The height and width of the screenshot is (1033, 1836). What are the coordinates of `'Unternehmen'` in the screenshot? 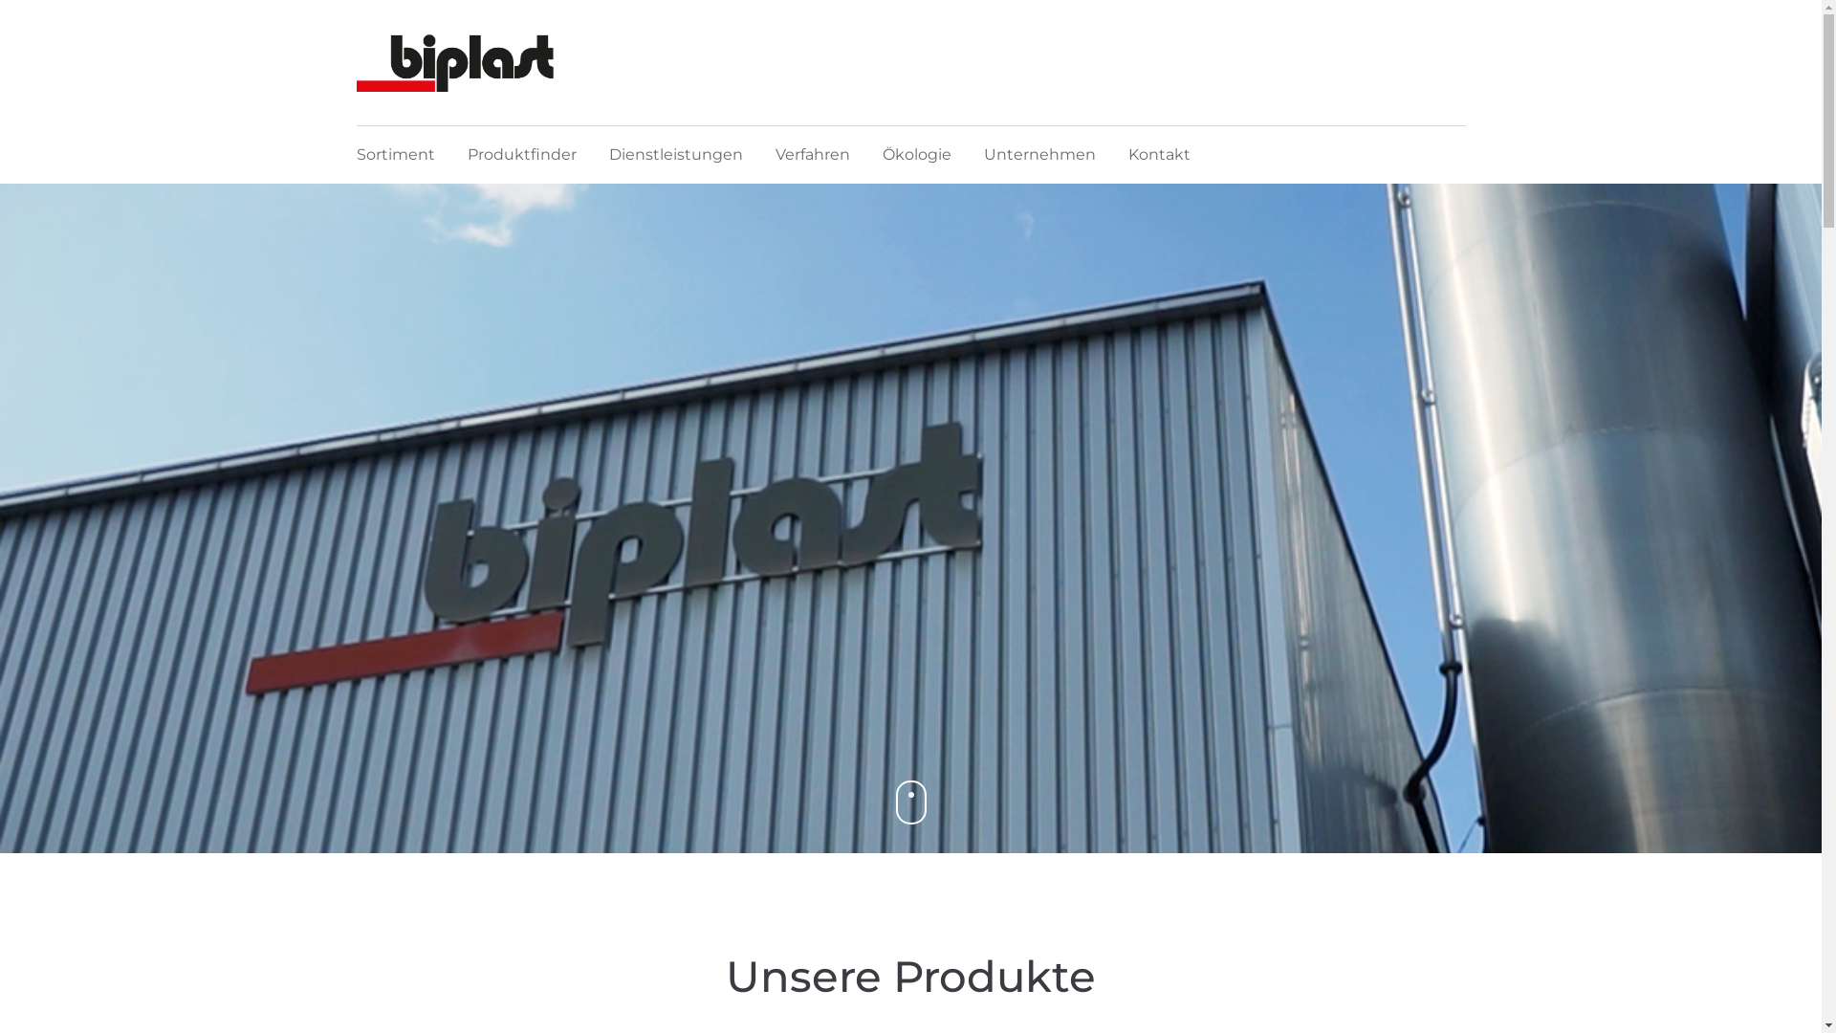 It's located at (1038, 154).